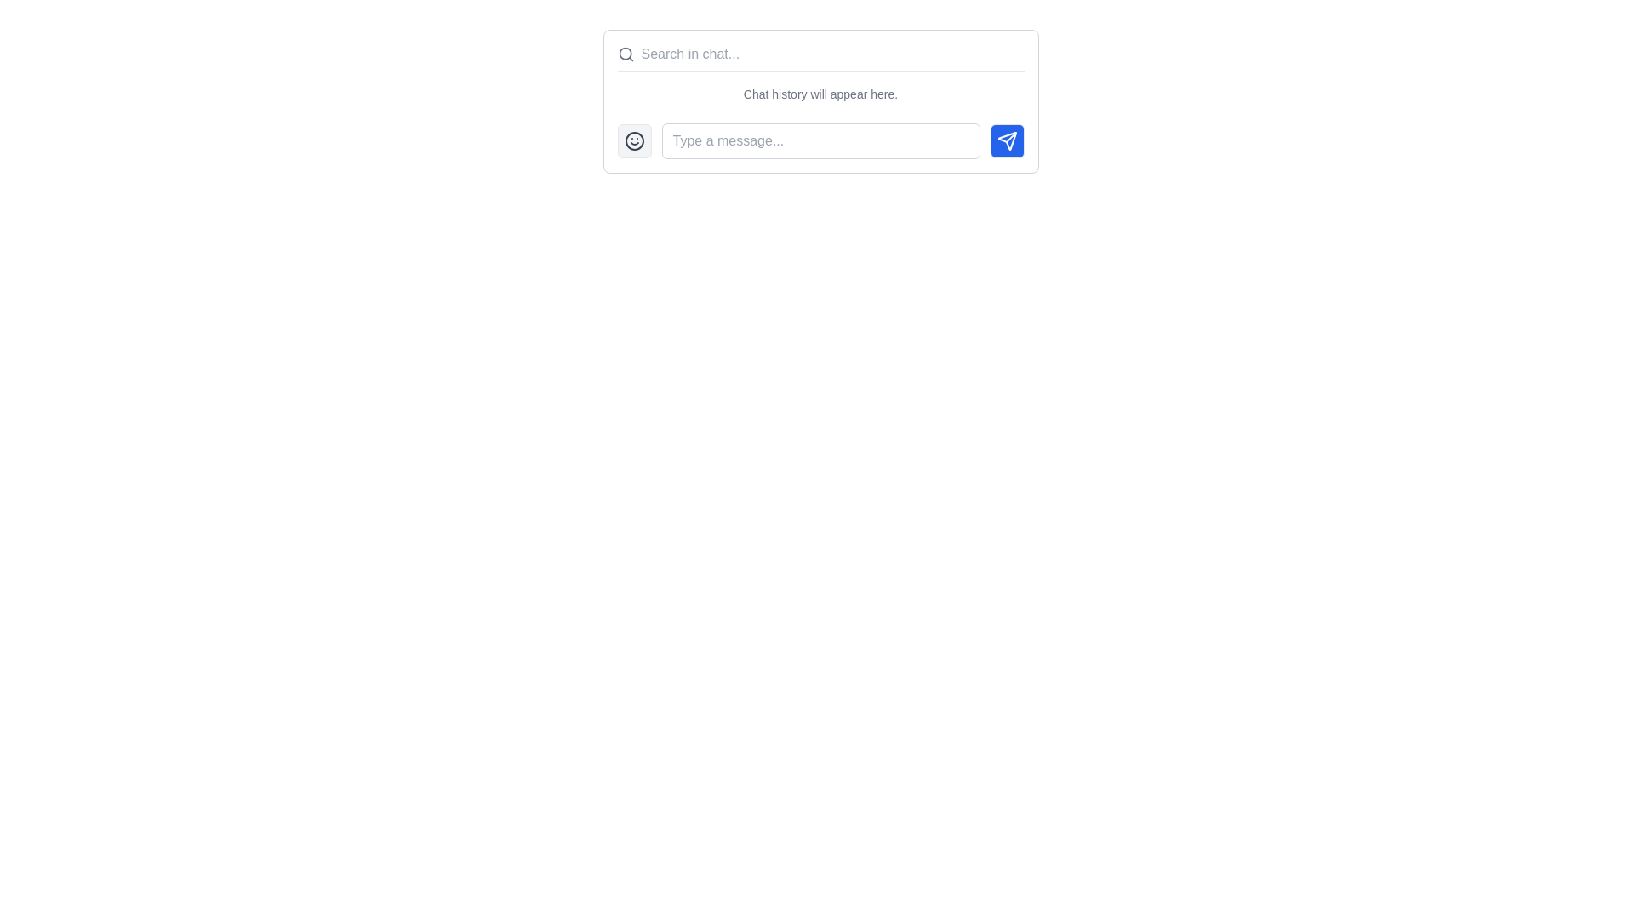  Describe the element at coordinates (624, 53) in the screenshot. I see `the central circle of the magnifying glass icon, which visually indicates search functionality, located to the left of the placeholder text 'Search in chat...'` at that location.